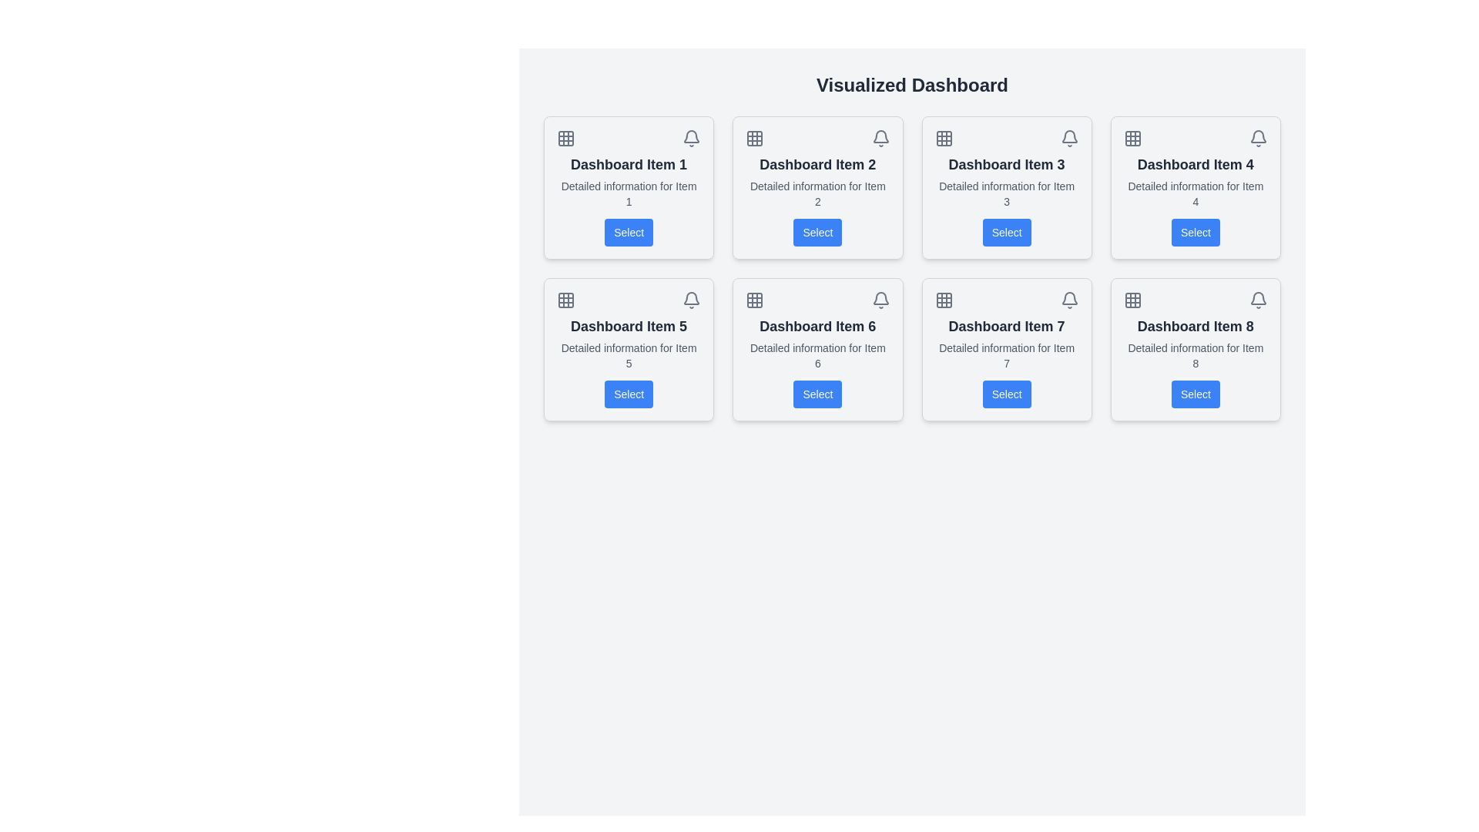 This screenshot has width=1479, height=832. Describe the element at coordinates (1068, 139) in the screenshot. I see `the bell icon located in the top-right corner of the 'Dashboard Item 3' card` at that location.